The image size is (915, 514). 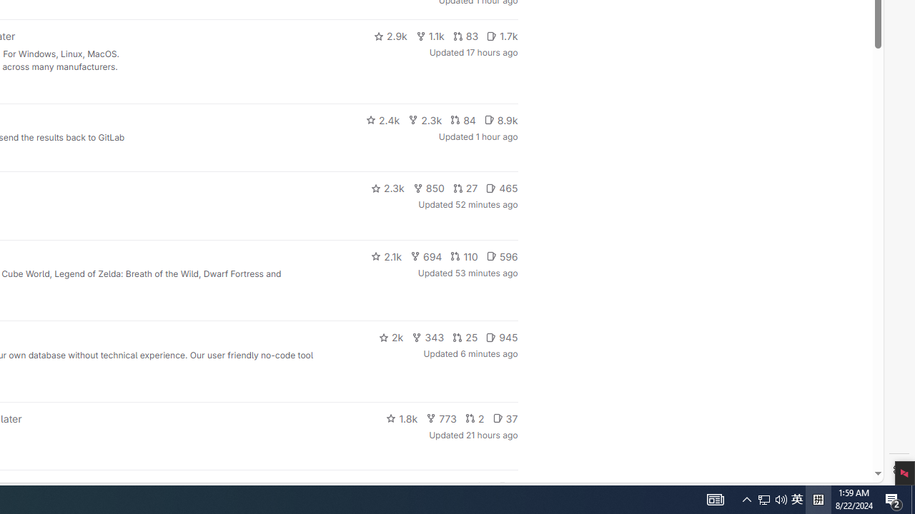 I want to click on '1.1k', so click(x=429, y=36).